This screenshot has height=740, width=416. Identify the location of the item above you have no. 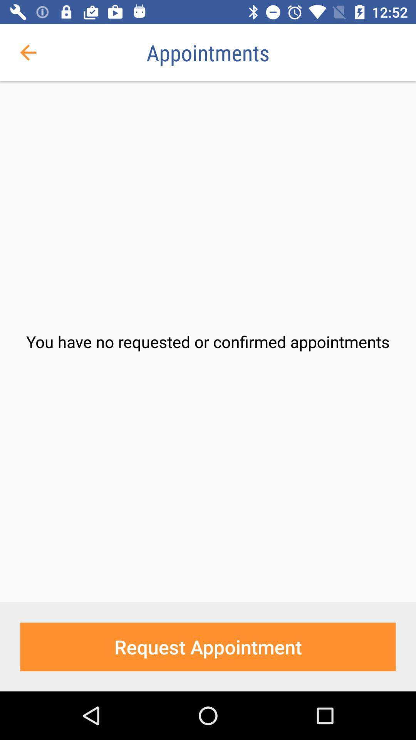
(28, 52).